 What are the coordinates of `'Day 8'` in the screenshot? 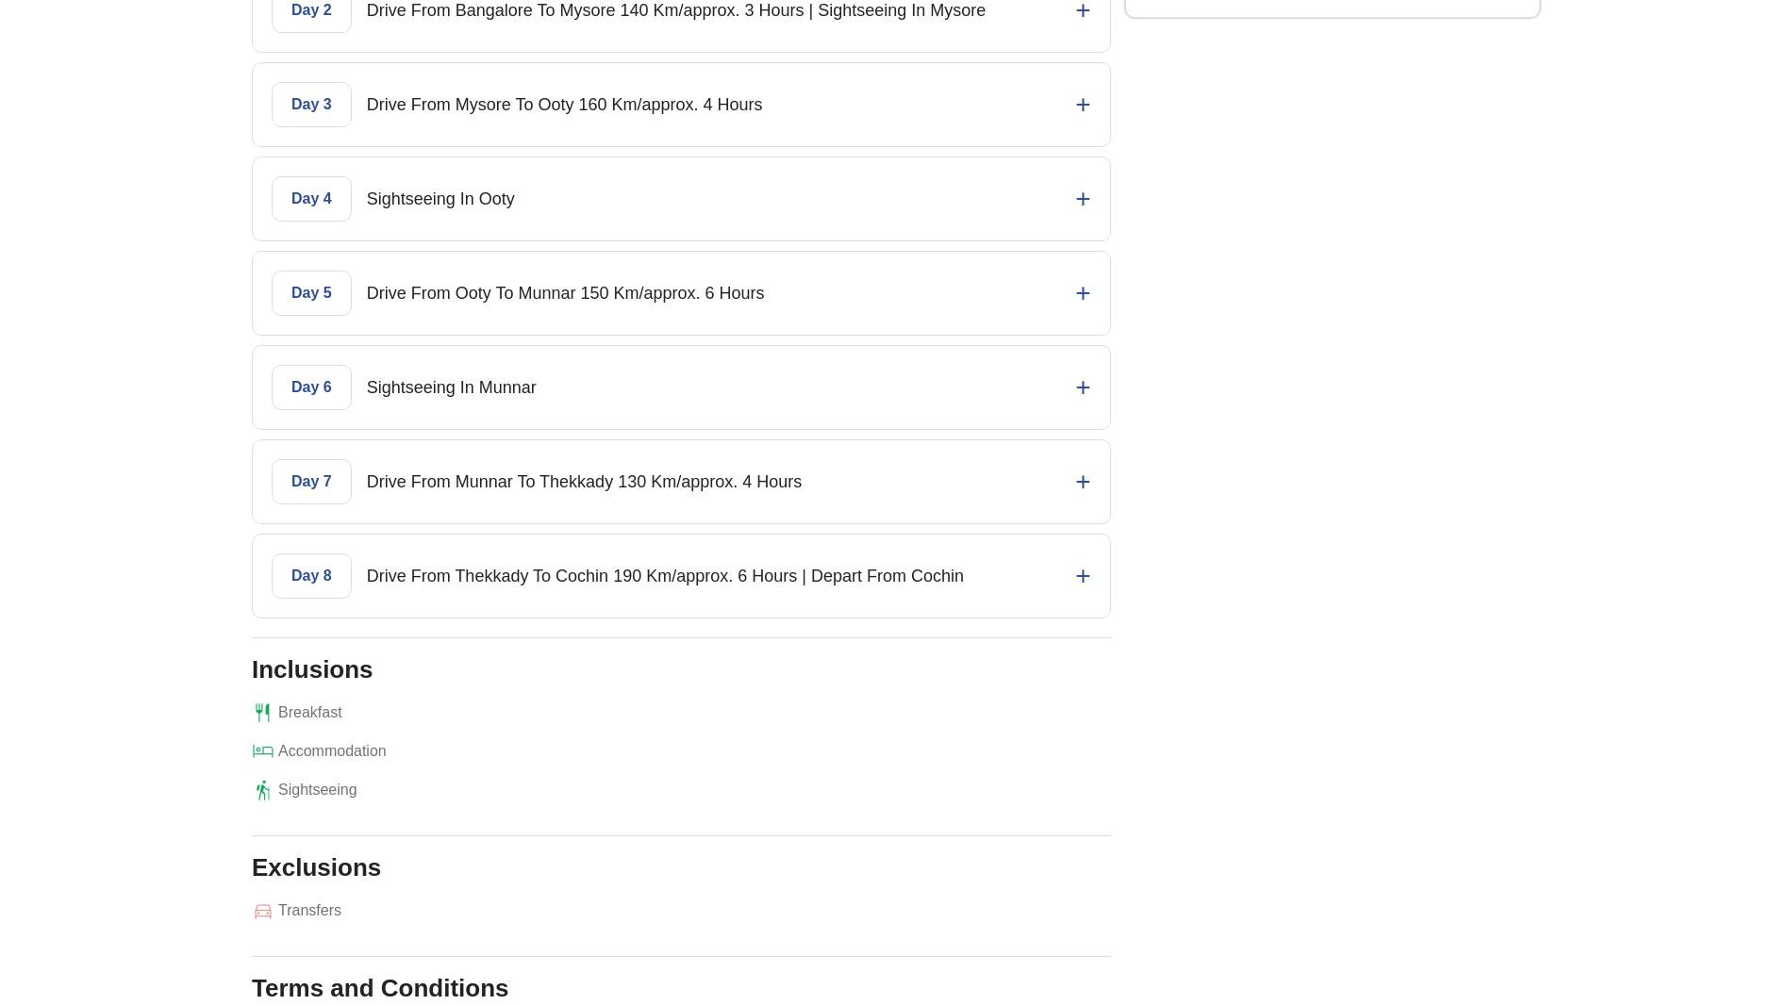 It's located at (290, 574).